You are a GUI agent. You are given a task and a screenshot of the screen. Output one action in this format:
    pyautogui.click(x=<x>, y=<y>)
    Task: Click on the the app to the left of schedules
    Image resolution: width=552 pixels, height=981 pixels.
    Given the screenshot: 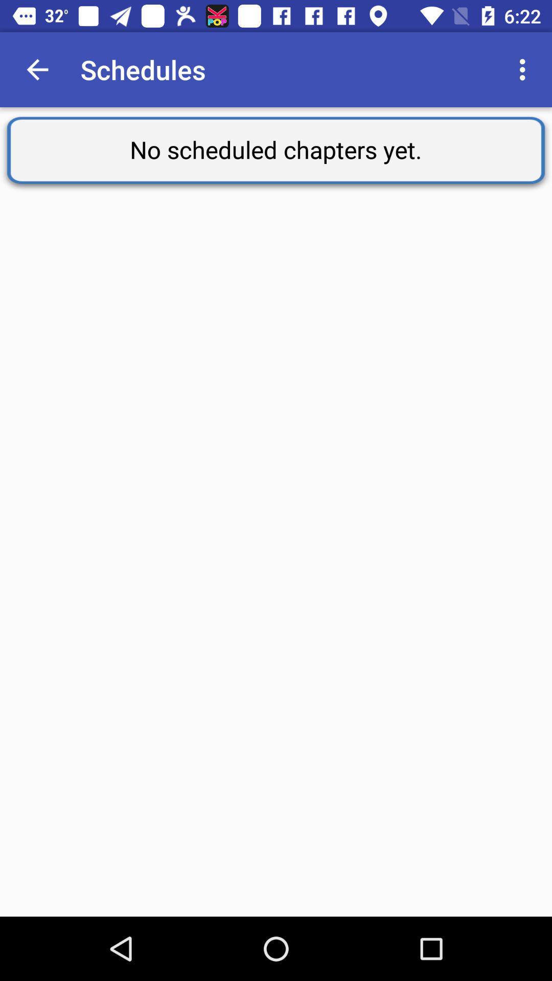 What is the action you would take?
    pyautogui.click(x=37, y=69)
    